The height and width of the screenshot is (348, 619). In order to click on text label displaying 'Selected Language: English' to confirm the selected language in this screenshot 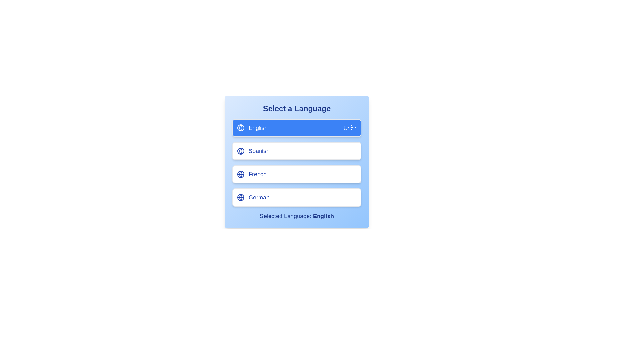, I will do `click(297, 216)`.